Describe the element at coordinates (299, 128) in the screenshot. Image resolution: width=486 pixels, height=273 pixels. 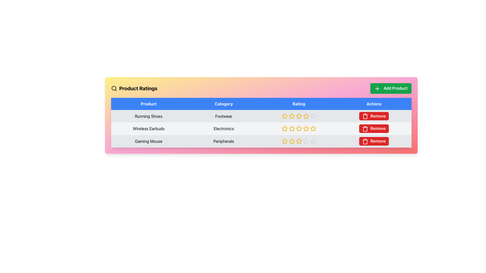
I see `the fourth star icon in the rating component for the 'Wireless Earbuds'` at that location.